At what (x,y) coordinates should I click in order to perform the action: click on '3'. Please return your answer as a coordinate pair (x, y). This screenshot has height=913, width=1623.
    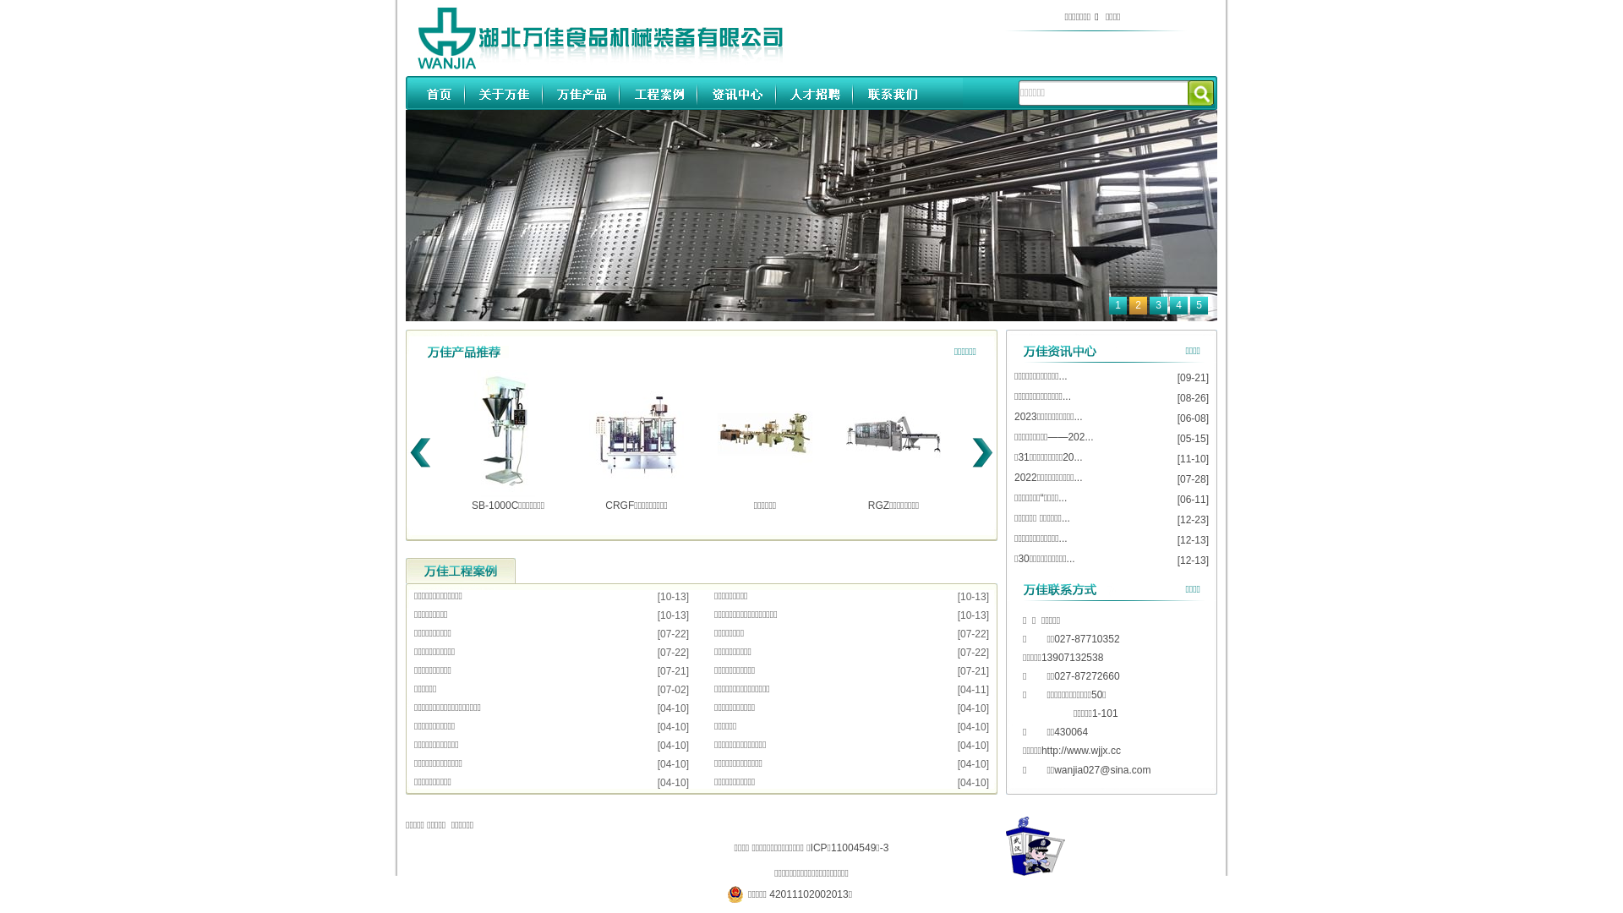
    Looking at the image, I should click on (1157, 305).